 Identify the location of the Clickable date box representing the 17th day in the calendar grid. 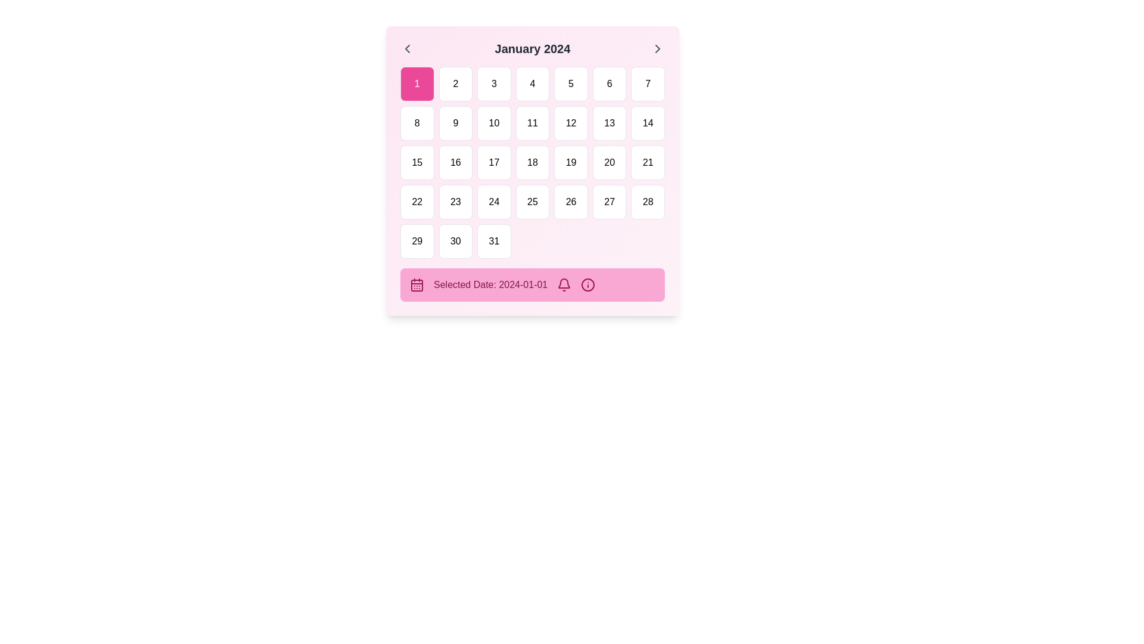
(494, 163).